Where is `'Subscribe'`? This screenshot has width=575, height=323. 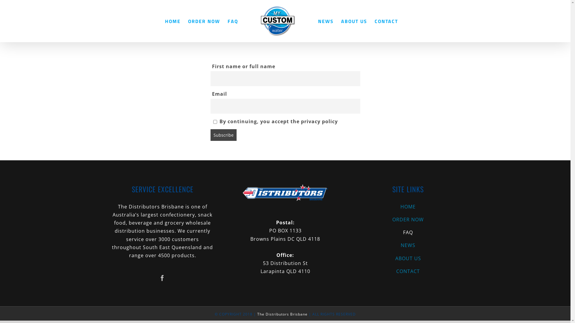 'Subscribe' is located at coordinates (223, 135).